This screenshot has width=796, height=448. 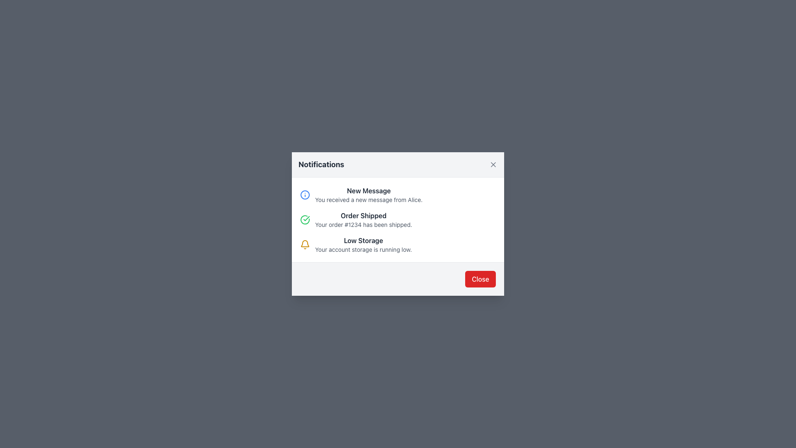 What do you see at coordinates (304, 244) in the screenshot?
I see `the bell icon located on the left side of the 'Low Storage' notification text to acknowledge or open associated actions` at bounding box center [304, 244].